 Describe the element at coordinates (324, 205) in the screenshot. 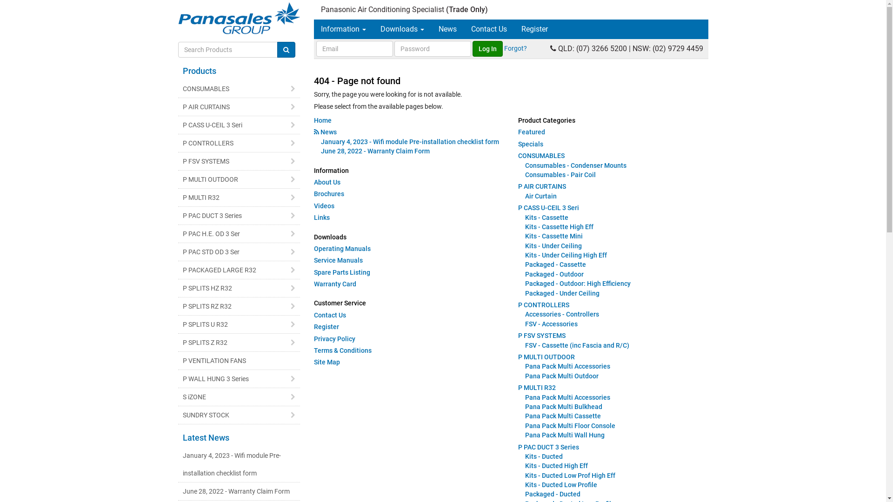

I see `'Videos'` at that location.